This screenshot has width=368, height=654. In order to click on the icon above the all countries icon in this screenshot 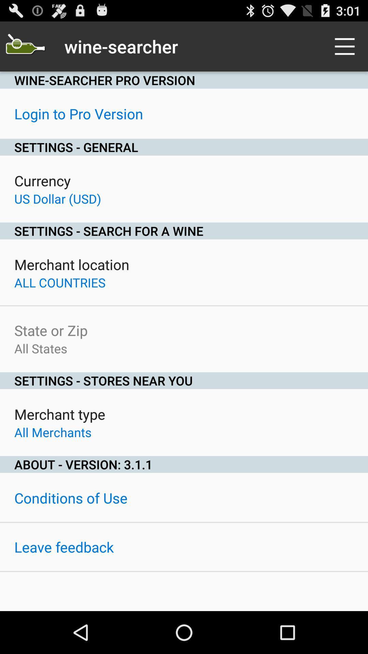, I will do `click(72, 264)`.